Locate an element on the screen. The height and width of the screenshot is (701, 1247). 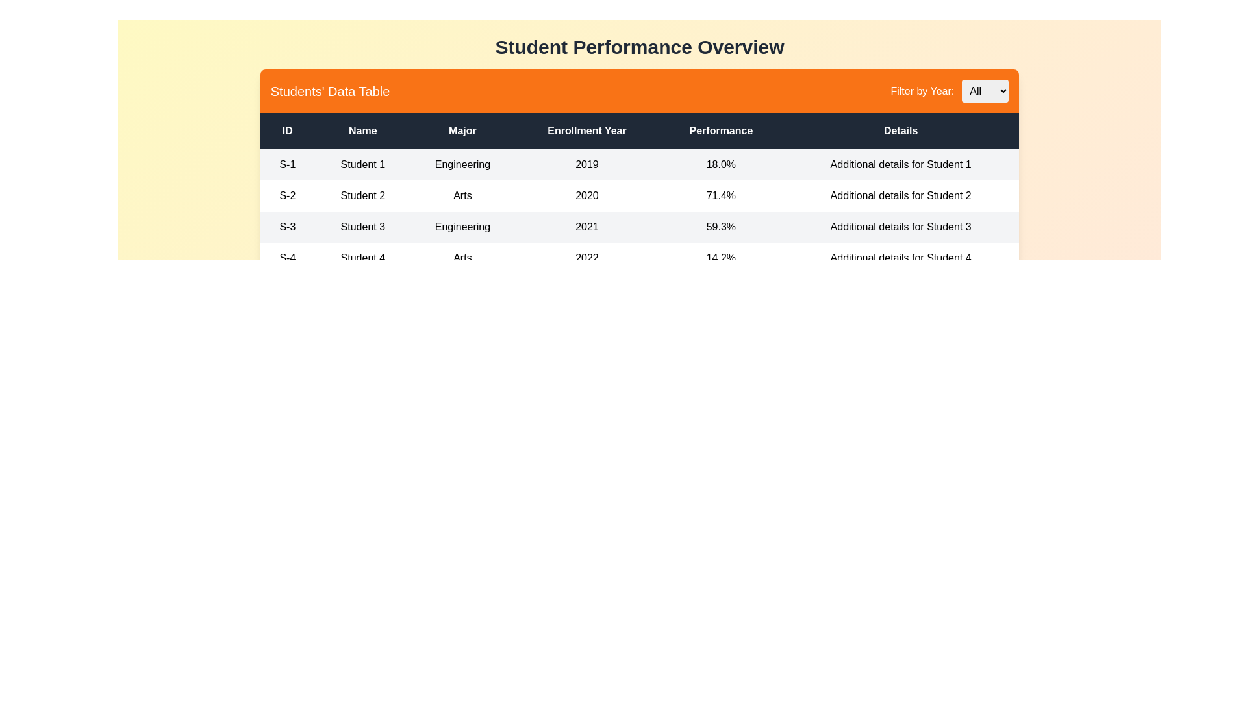
the year 2023 from the dropdown to filter the table is located at coordinates (985, 90).